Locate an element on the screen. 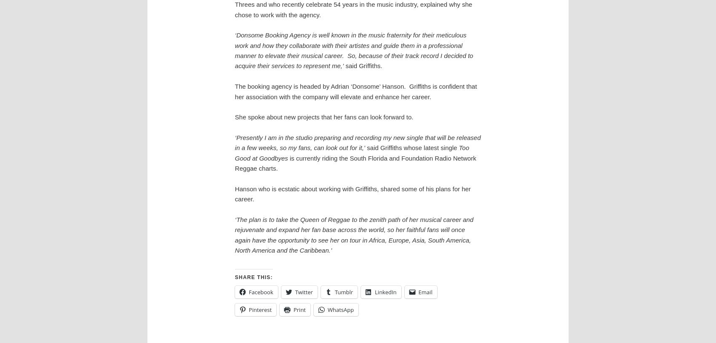 The height and width of the screenshot is (343, 716). '‘Donsome Booking Agency is well known in the music fraternity for their meticulous work and how they collaborate with their artistes and guide them in a professional manner to elevate their musical career.  So, because of their track record I decided to acquire their services to represent me,’' is located at coordinates (353, 50).